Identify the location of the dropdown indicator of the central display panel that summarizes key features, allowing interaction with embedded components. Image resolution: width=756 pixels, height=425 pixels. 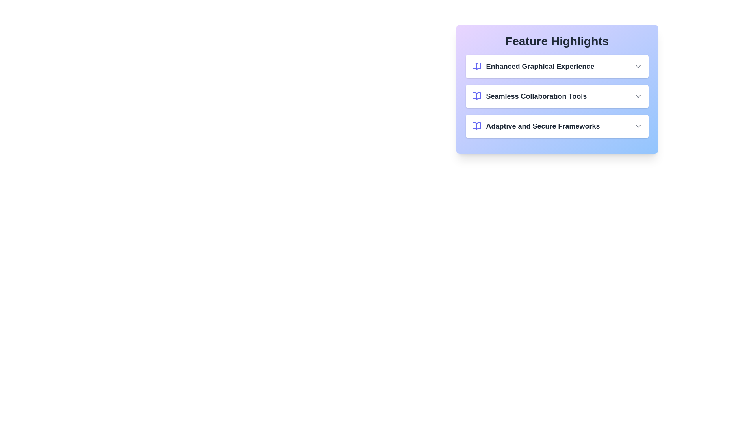
(556, 89).